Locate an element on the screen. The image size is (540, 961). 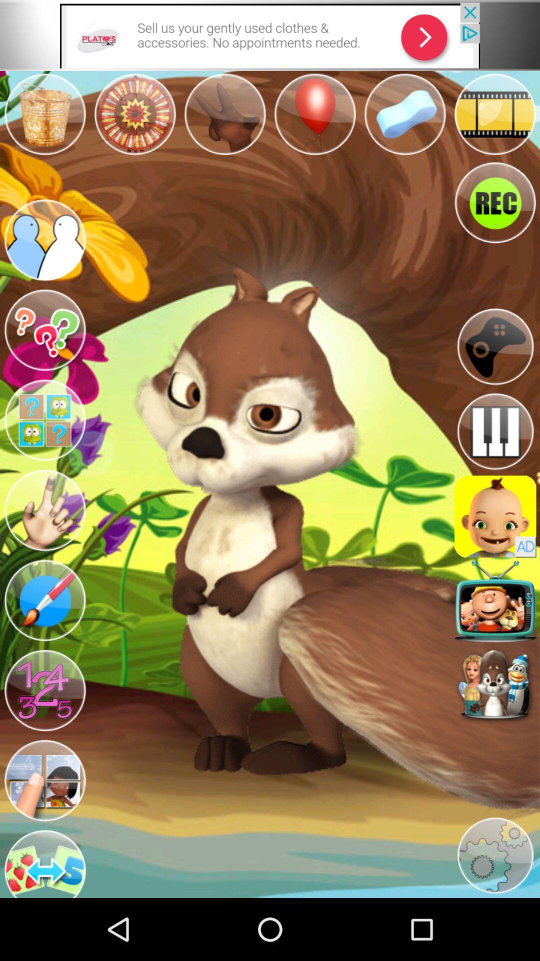
the swap icon is located at coordinates (44, 922).